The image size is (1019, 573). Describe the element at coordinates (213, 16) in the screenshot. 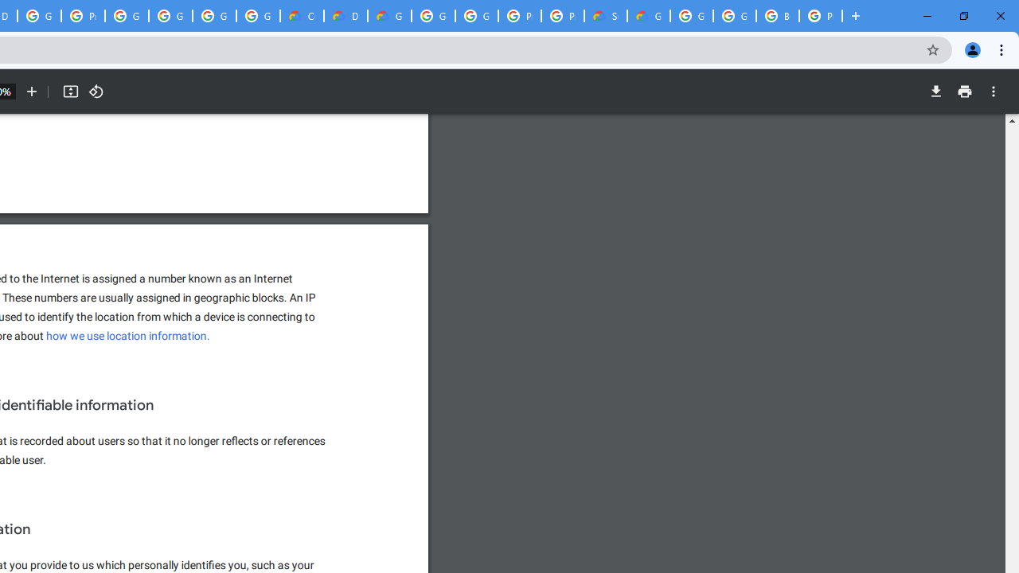

I see `'Google Workspace - Specific Terms'` at that location.